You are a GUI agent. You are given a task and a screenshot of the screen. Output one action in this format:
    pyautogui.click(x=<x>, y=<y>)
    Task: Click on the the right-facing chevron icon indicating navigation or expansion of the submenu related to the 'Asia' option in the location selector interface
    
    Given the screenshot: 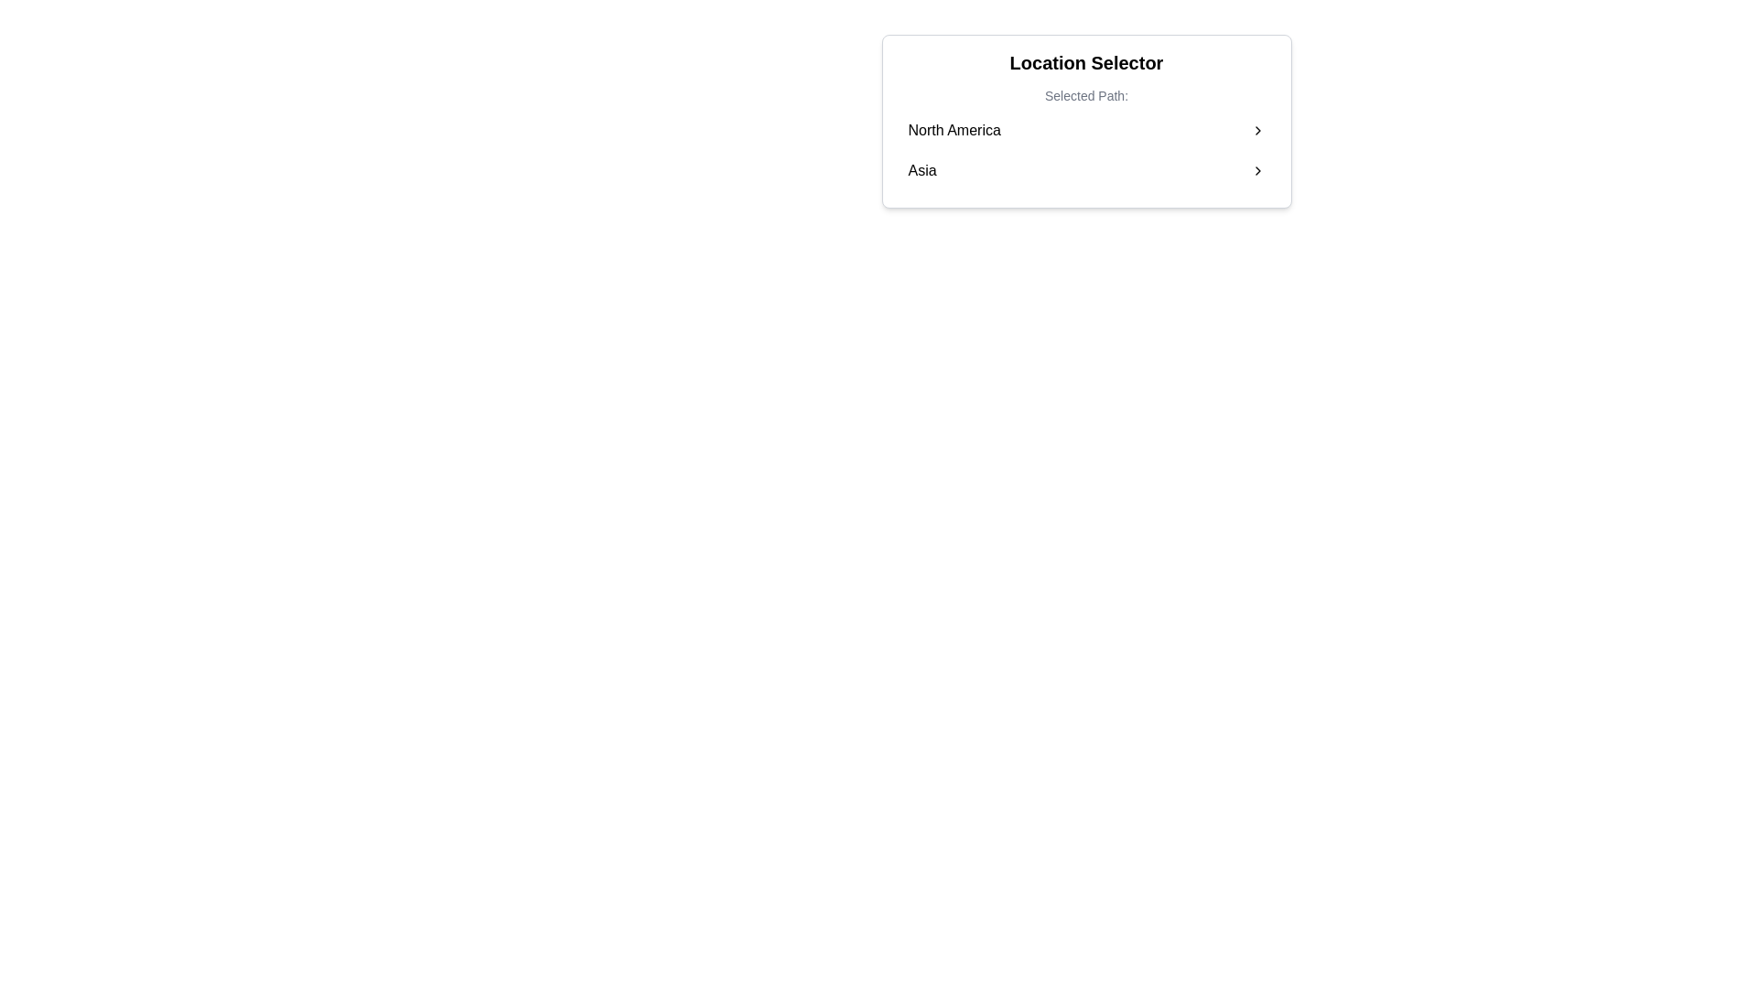 What is the action you would take?
    pyautogui.click(x=1256, y=170)
    